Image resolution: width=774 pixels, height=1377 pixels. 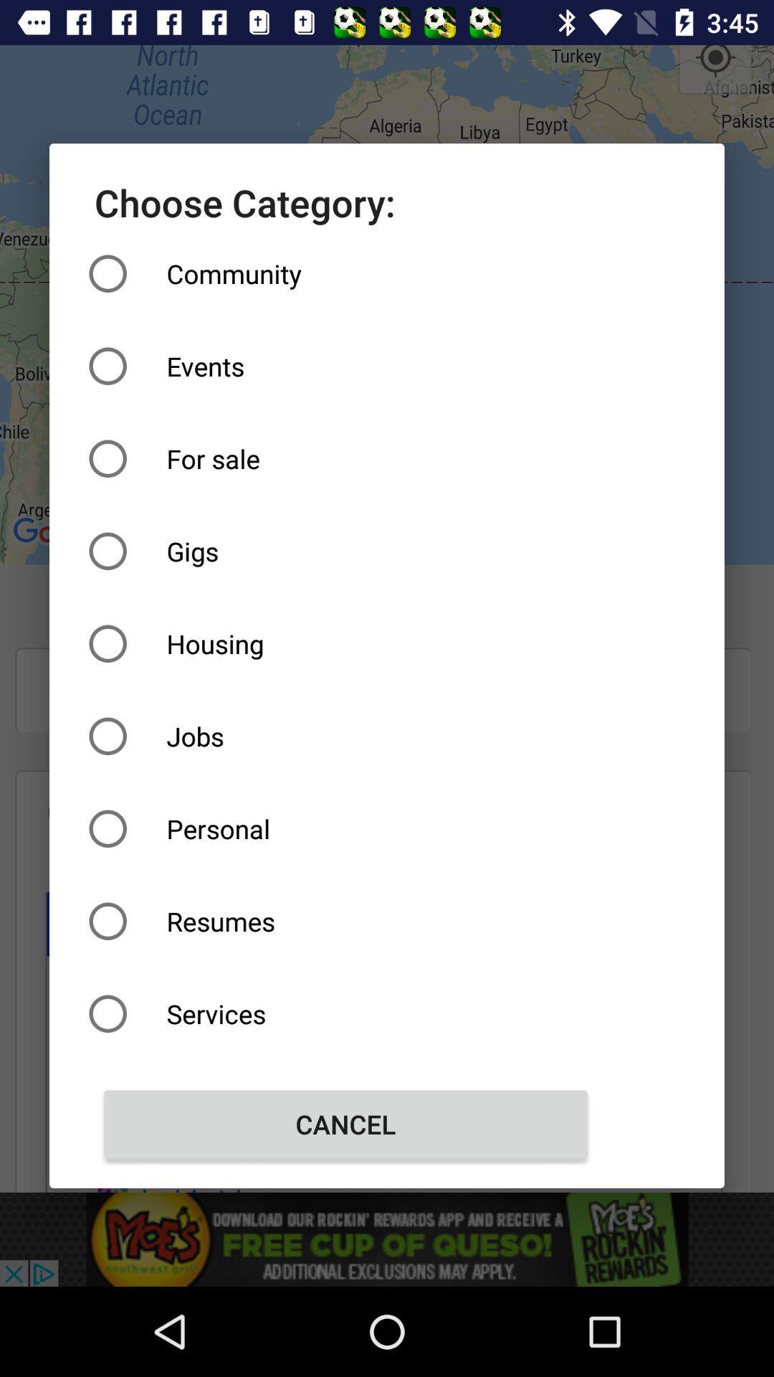 What do you see at coordinates (345, 828) in the screenshot?
I see `personal` at bounding box center [345, 828].